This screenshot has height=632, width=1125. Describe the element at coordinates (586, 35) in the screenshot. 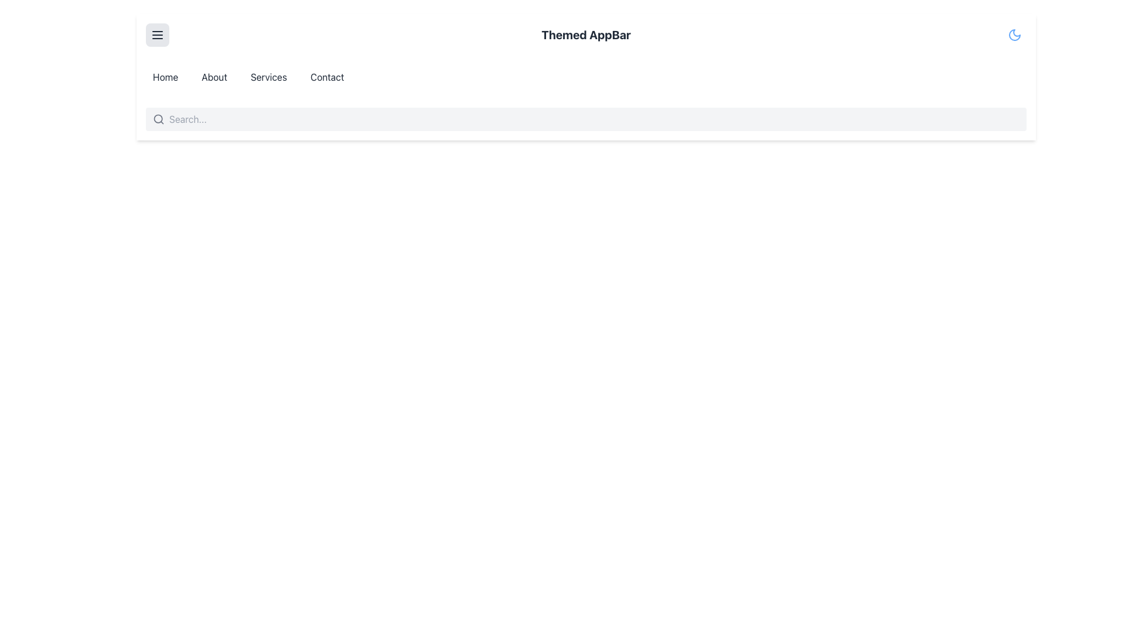

I see `the Toolbar element that contains the bold text 'Themed AppBar' and is positioned at the top of the application` at that location.